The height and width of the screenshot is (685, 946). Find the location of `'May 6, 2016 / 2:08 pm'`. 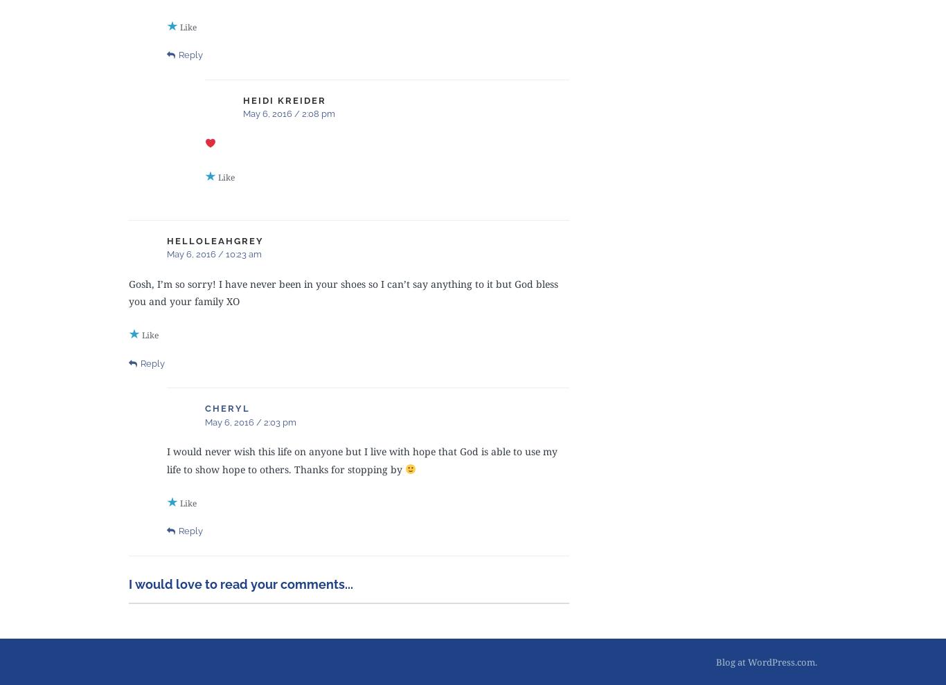

'May 6, 2016 / 2:08 pm' is located at coordinates (242, 113).